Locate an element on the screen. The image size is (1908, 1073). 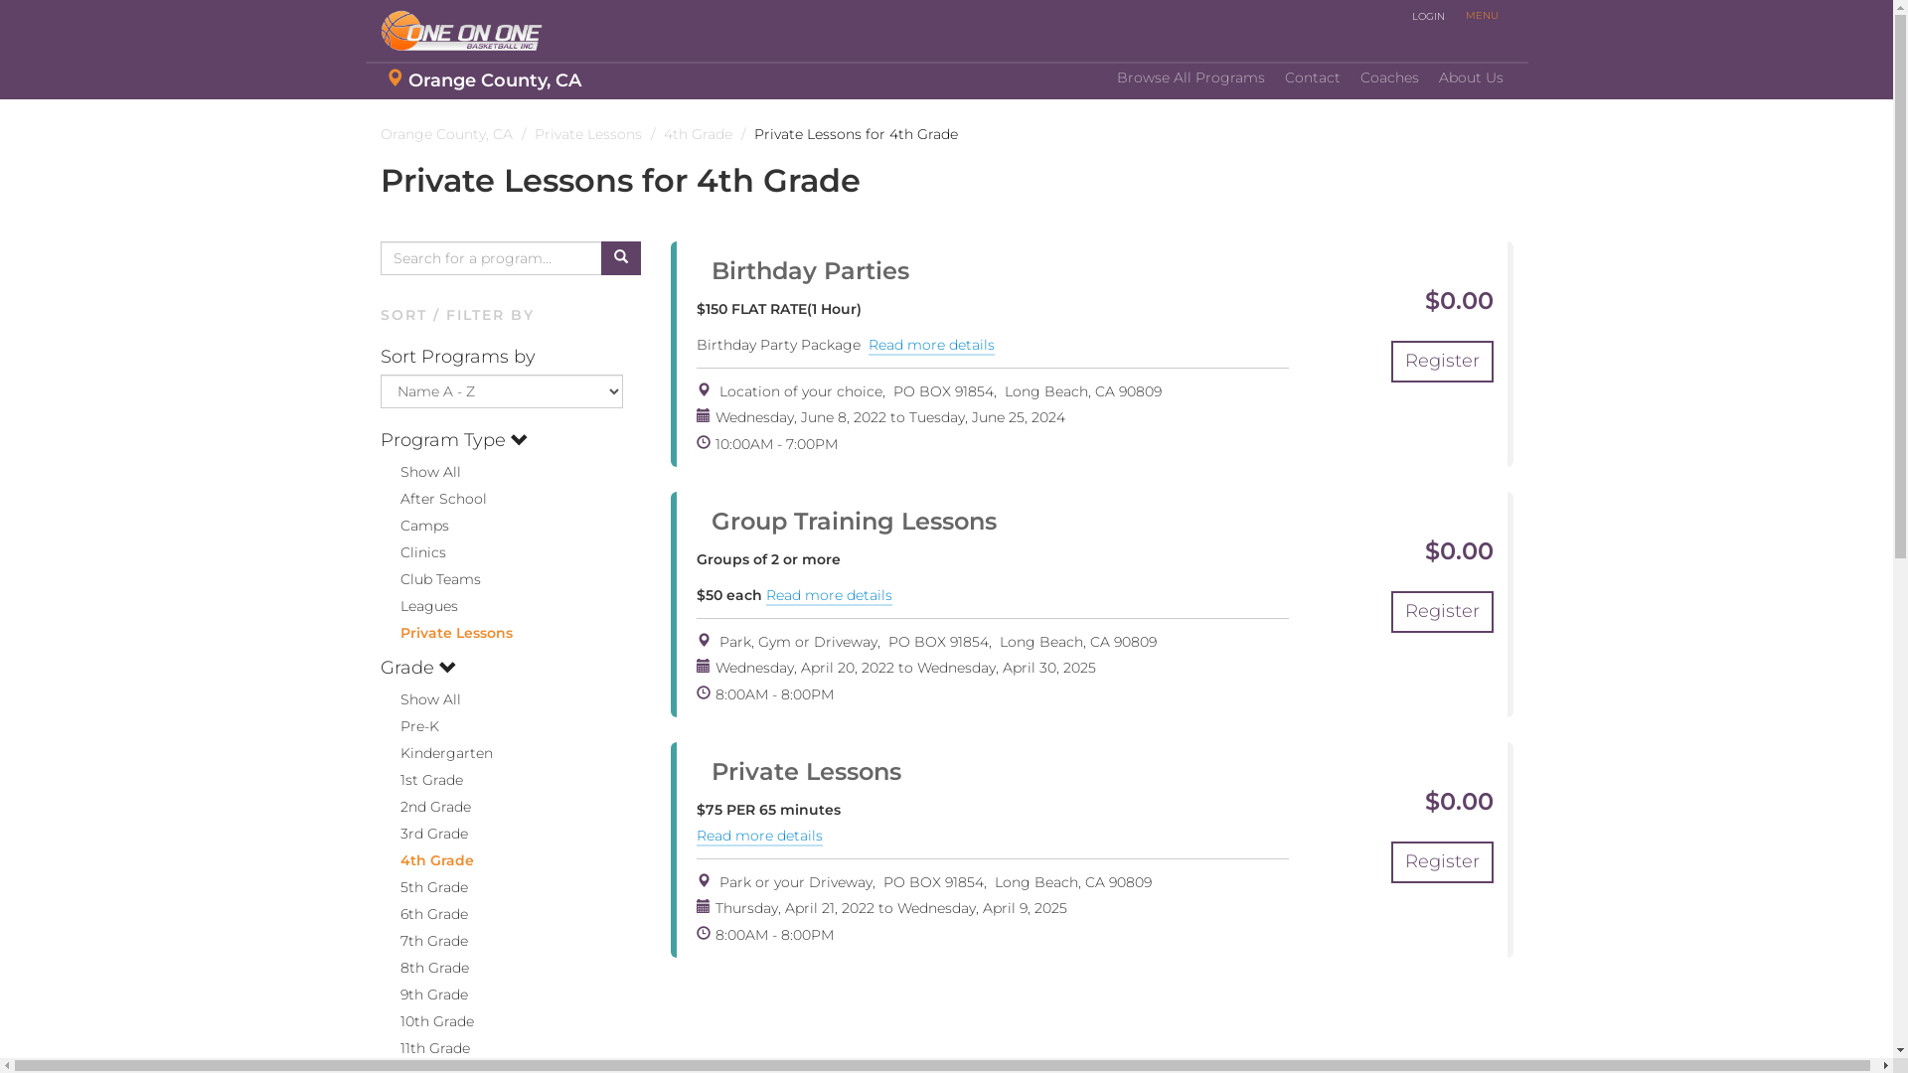
'LOGIN' is located at coordinates (1400, 16).